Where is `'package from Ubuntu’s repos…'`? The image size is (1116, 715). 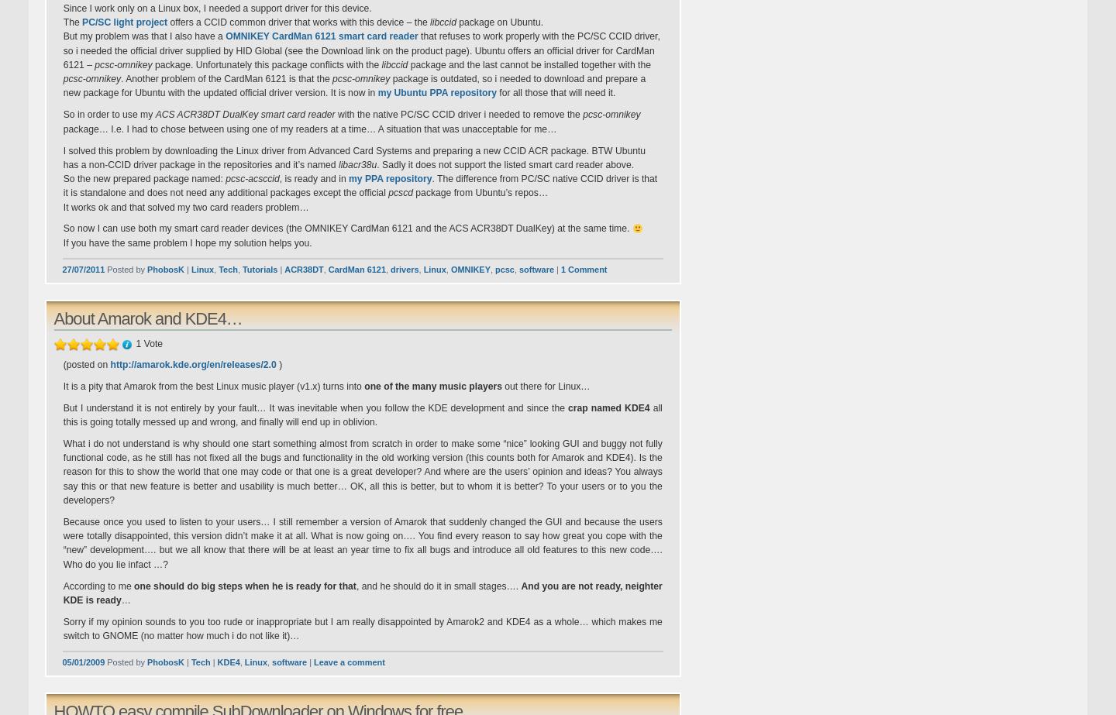 'package from Ubuntu’s repos…' is located at coordinates (479, 193).